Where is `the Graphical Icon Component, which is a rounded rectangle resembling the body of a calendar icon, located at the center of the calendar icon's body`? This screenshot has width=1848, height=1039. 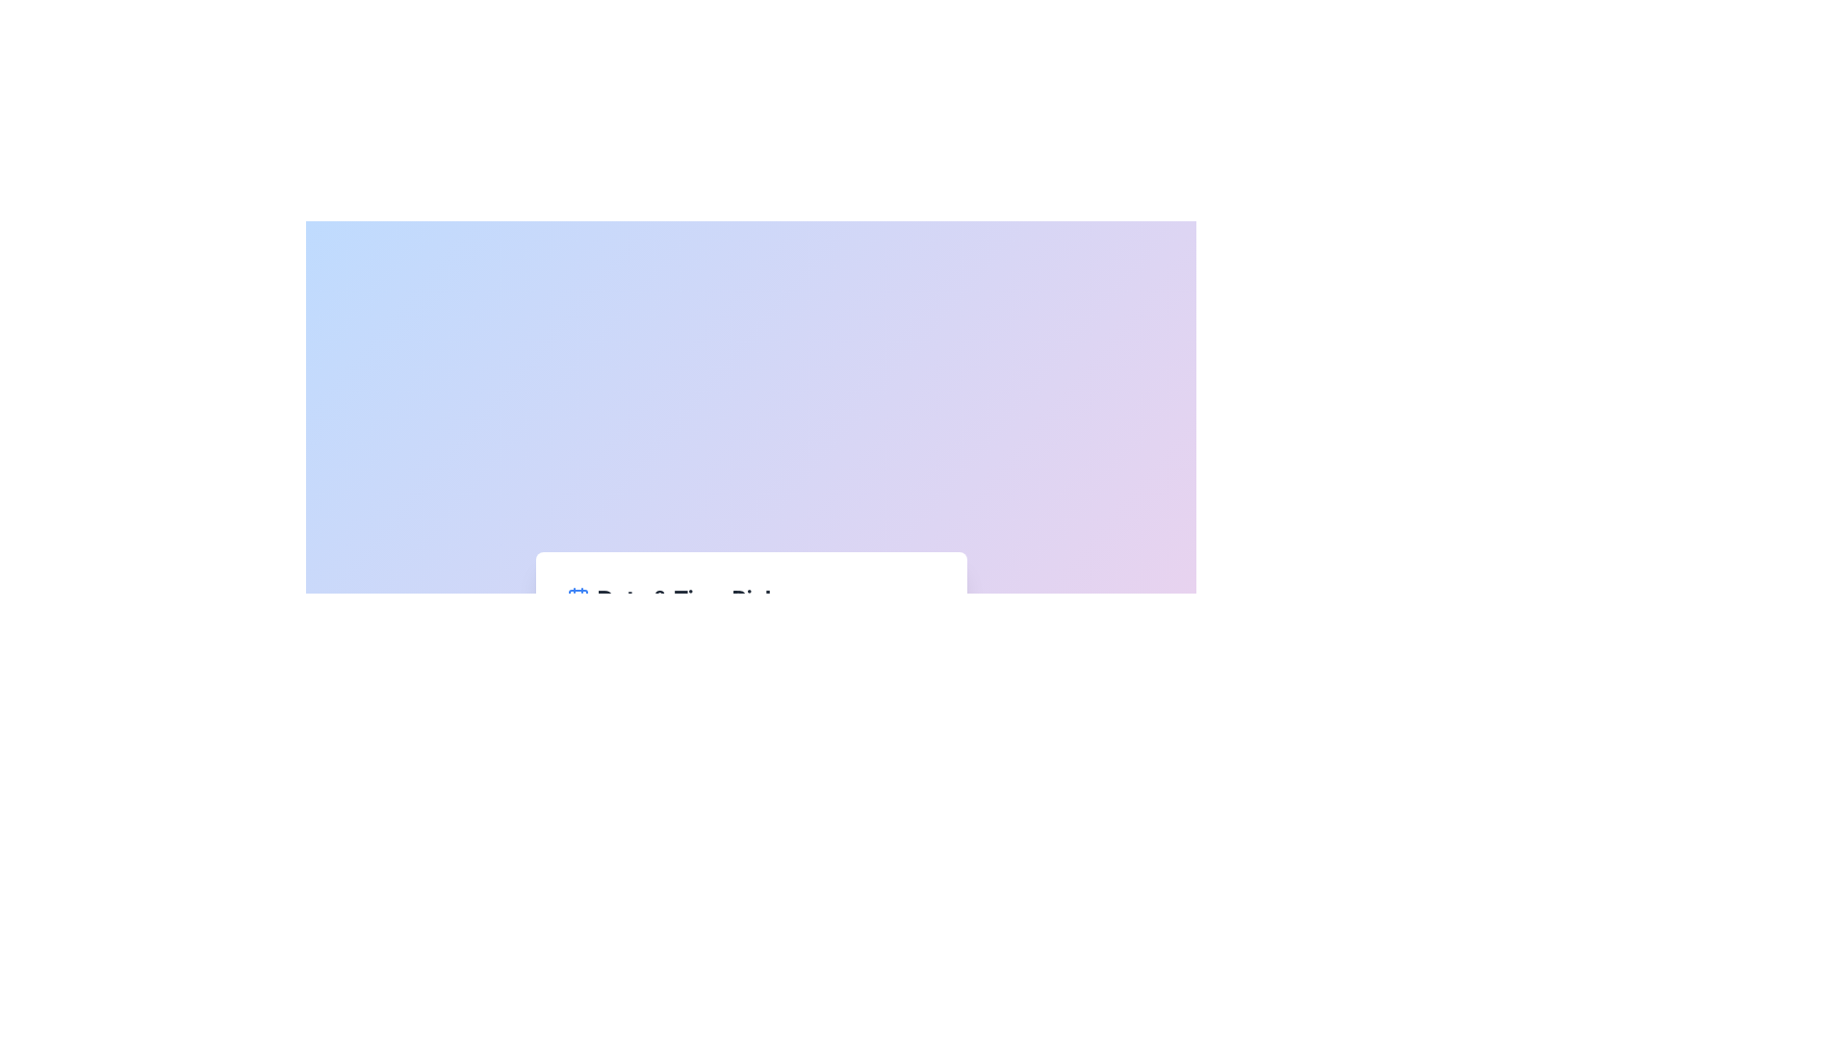 the Graphical Icon Component, which is a rounded rectangle resembling the body of a calendar icon, located at the center of the calendar icon's body is located at coordinates (577, 598).